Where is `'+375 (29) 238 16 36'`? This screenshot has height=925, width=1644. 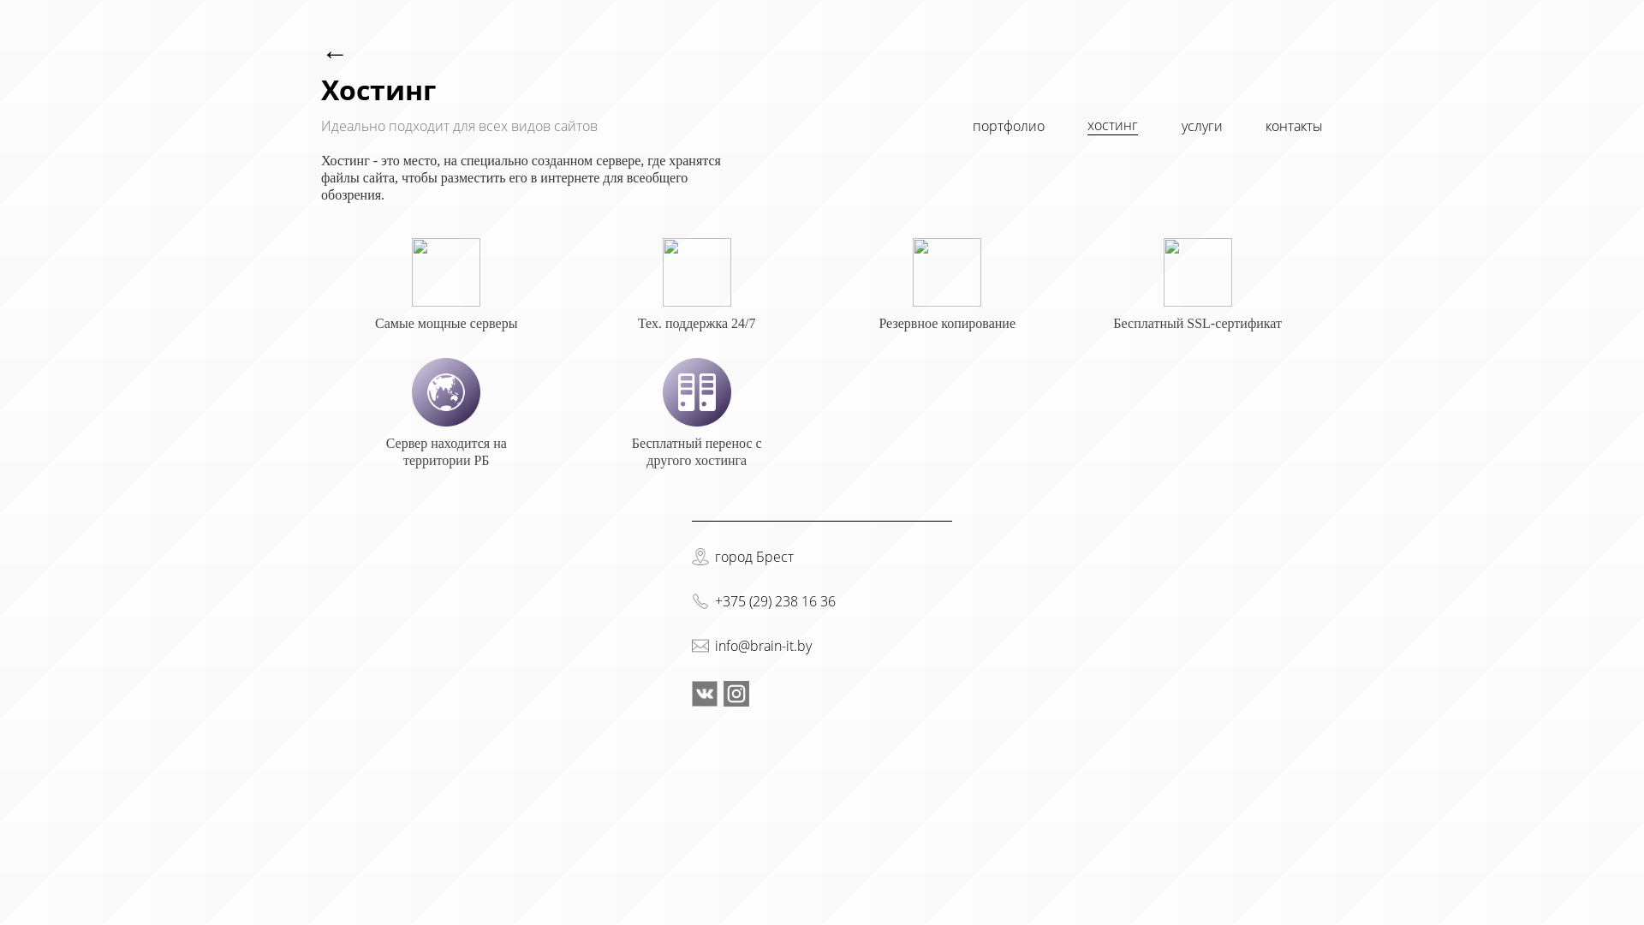 '+375 (29) 238 16 36' is located at coordinates (774, 600).